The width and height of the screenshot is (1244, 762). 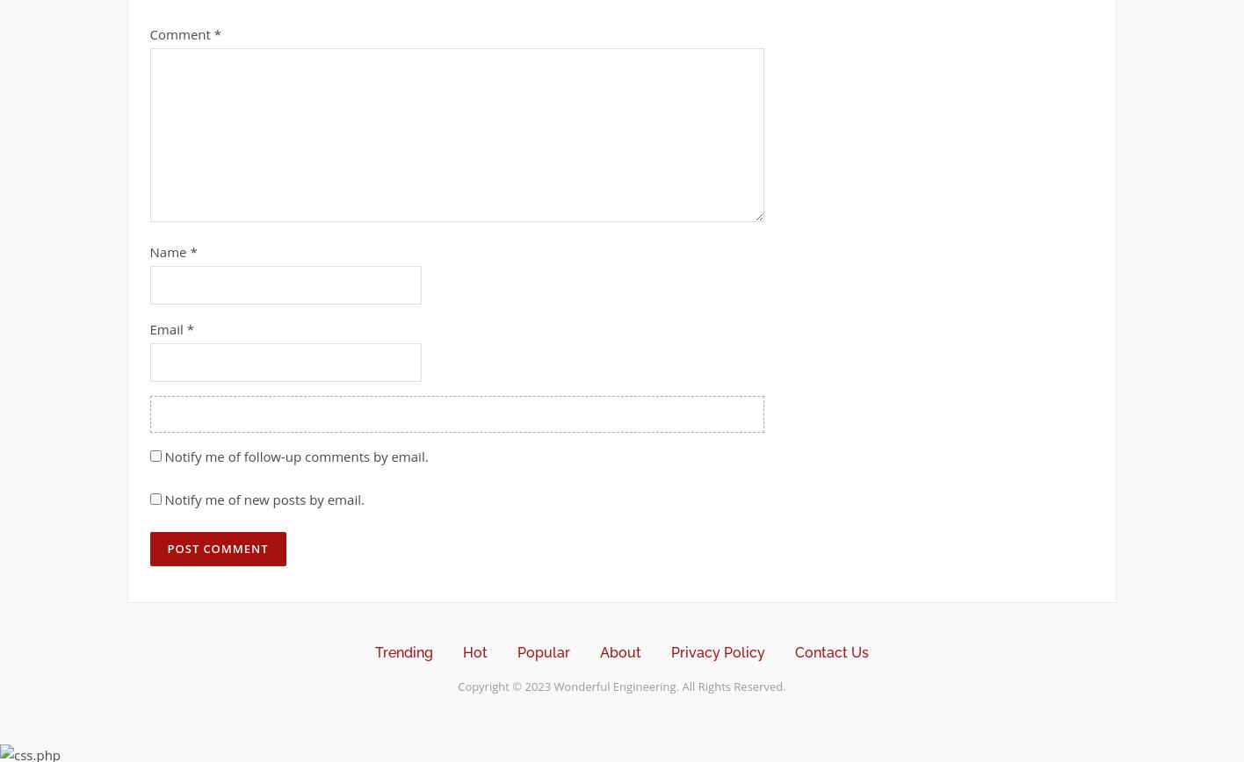 I want to click on 'Notify me of follow-up comments by email.', so click(x=163, y=455).